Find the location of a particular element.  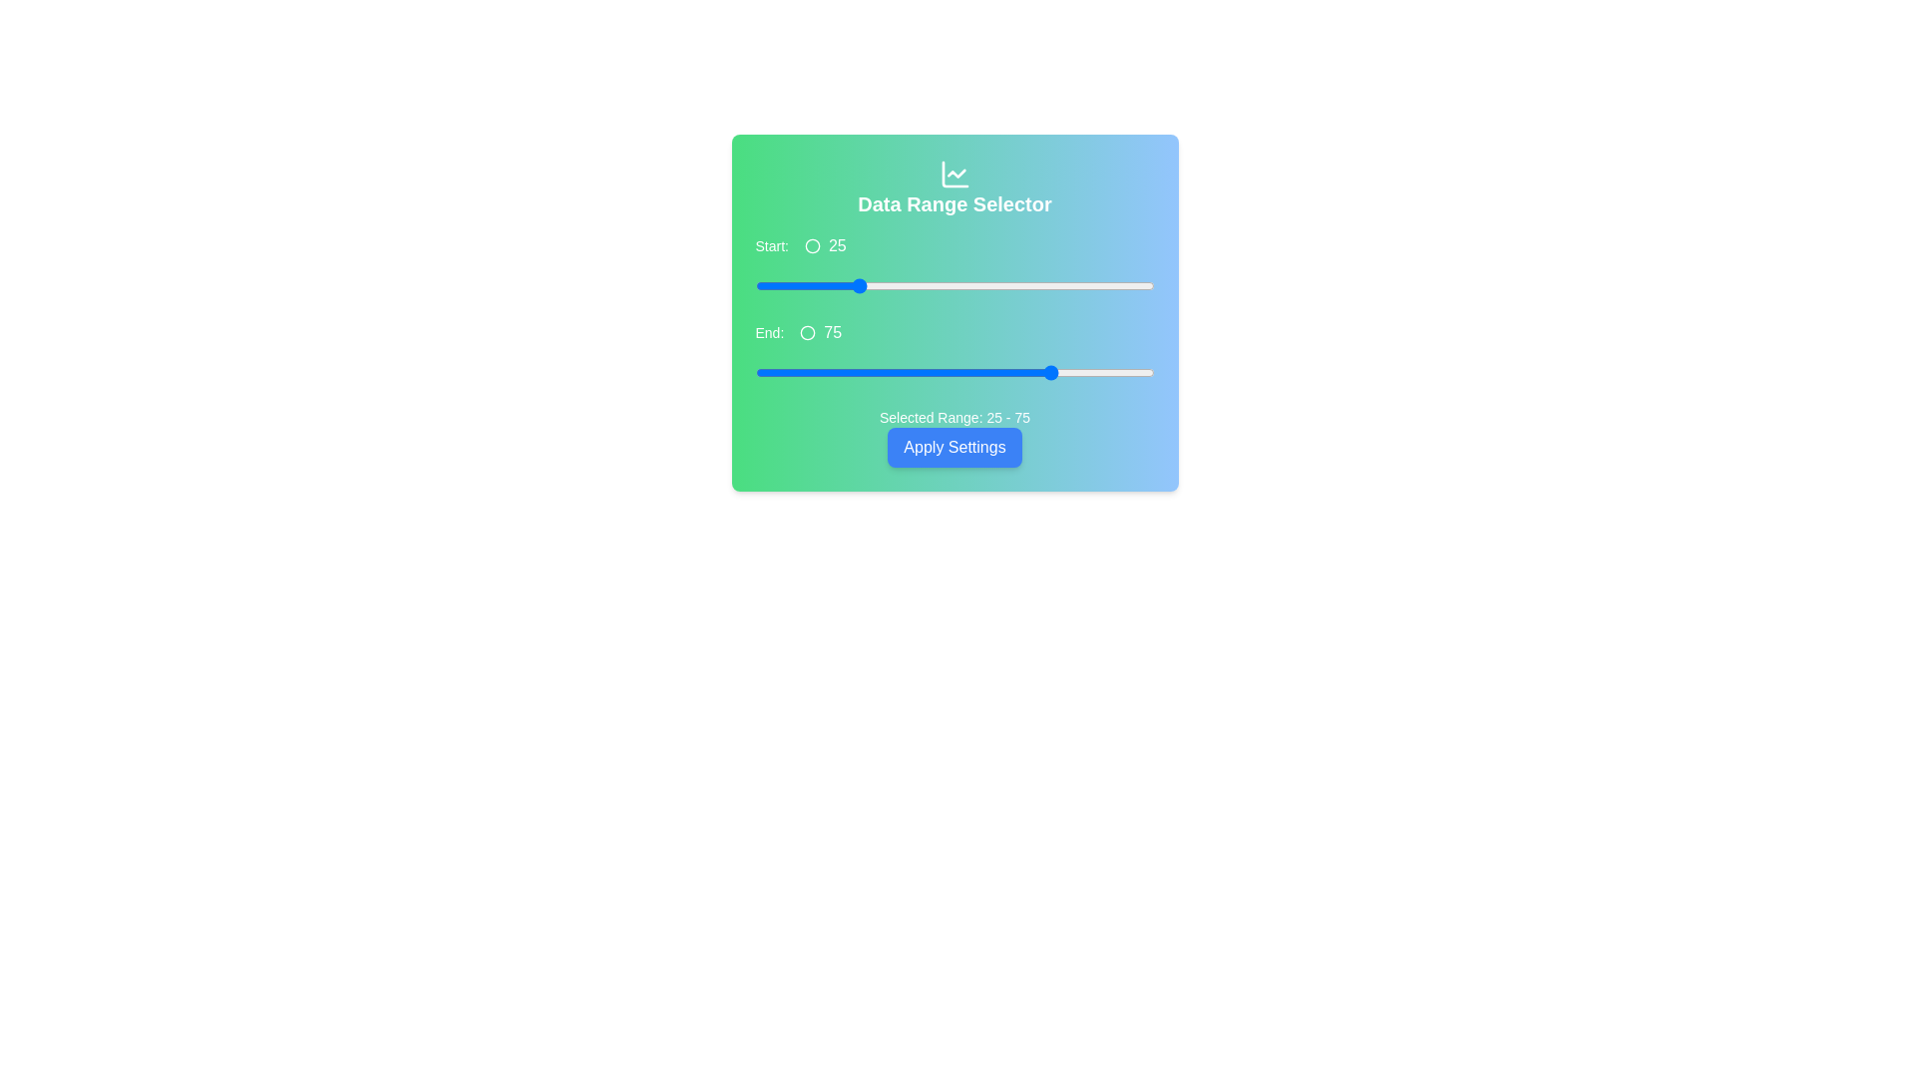

the circular SVG icon located between the label 'End:' and the number '75', which serves as a visual indicator is located at coordinates (808, 332).